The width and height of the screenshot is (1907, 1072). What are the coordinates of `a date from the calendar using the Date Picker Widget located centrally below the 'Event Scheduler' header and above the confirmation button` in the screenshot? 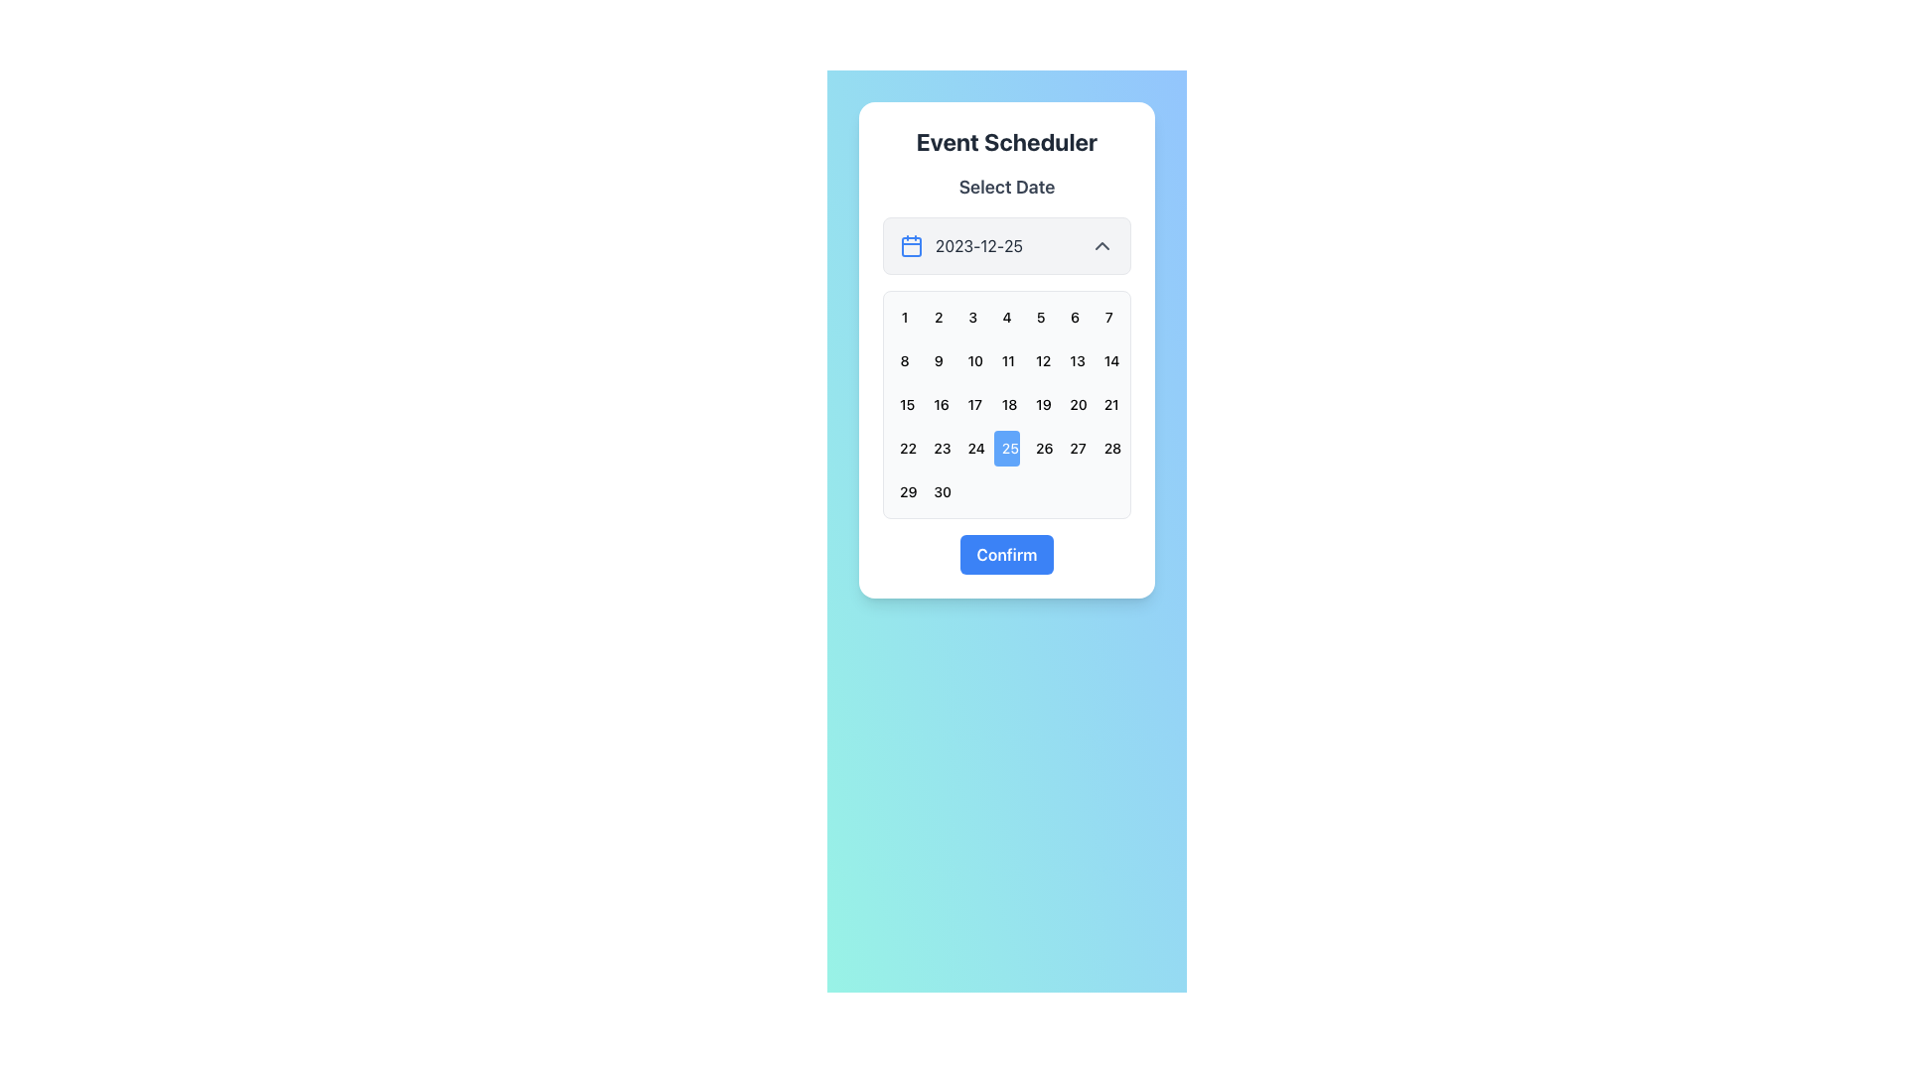 It's located at (1006, 349).